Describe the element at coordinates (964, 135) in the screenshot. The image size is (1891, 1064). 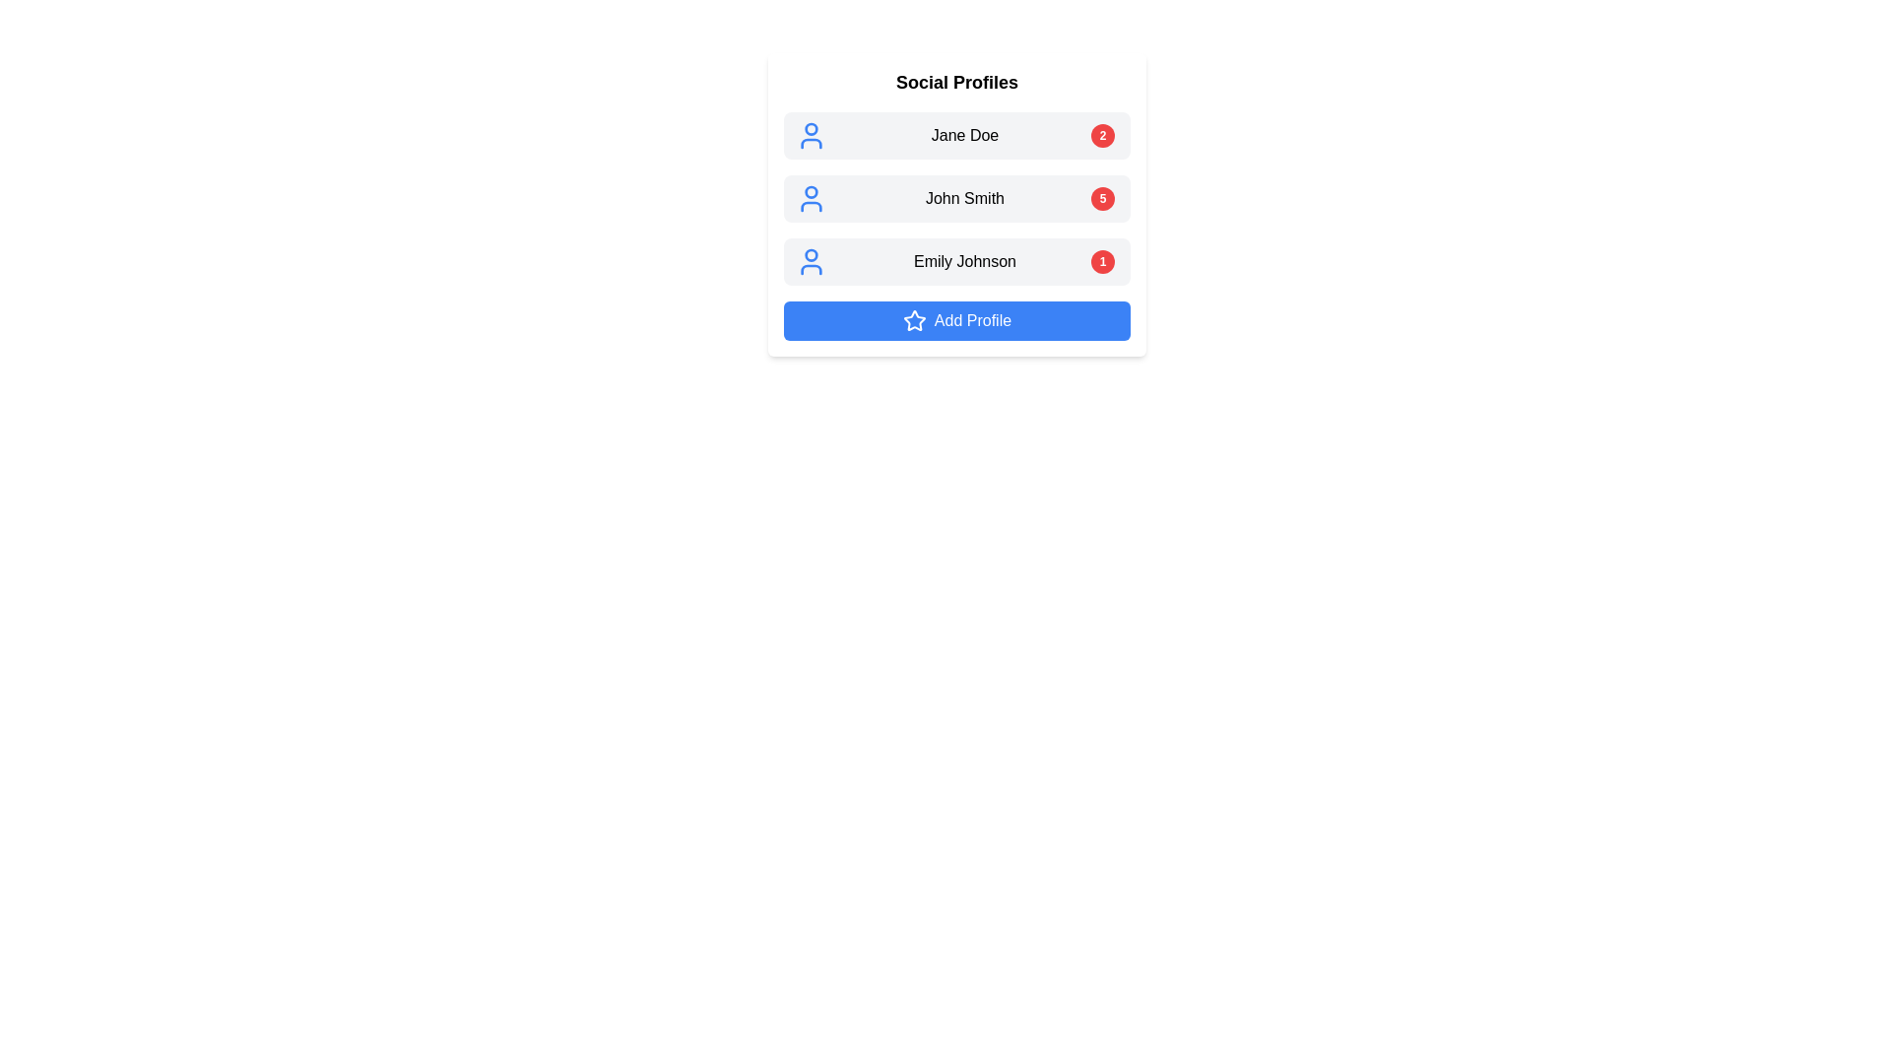
I see `the text label that identifies a specific user profile, located between a blue user icon and a red badge with the number '2'` at that location.